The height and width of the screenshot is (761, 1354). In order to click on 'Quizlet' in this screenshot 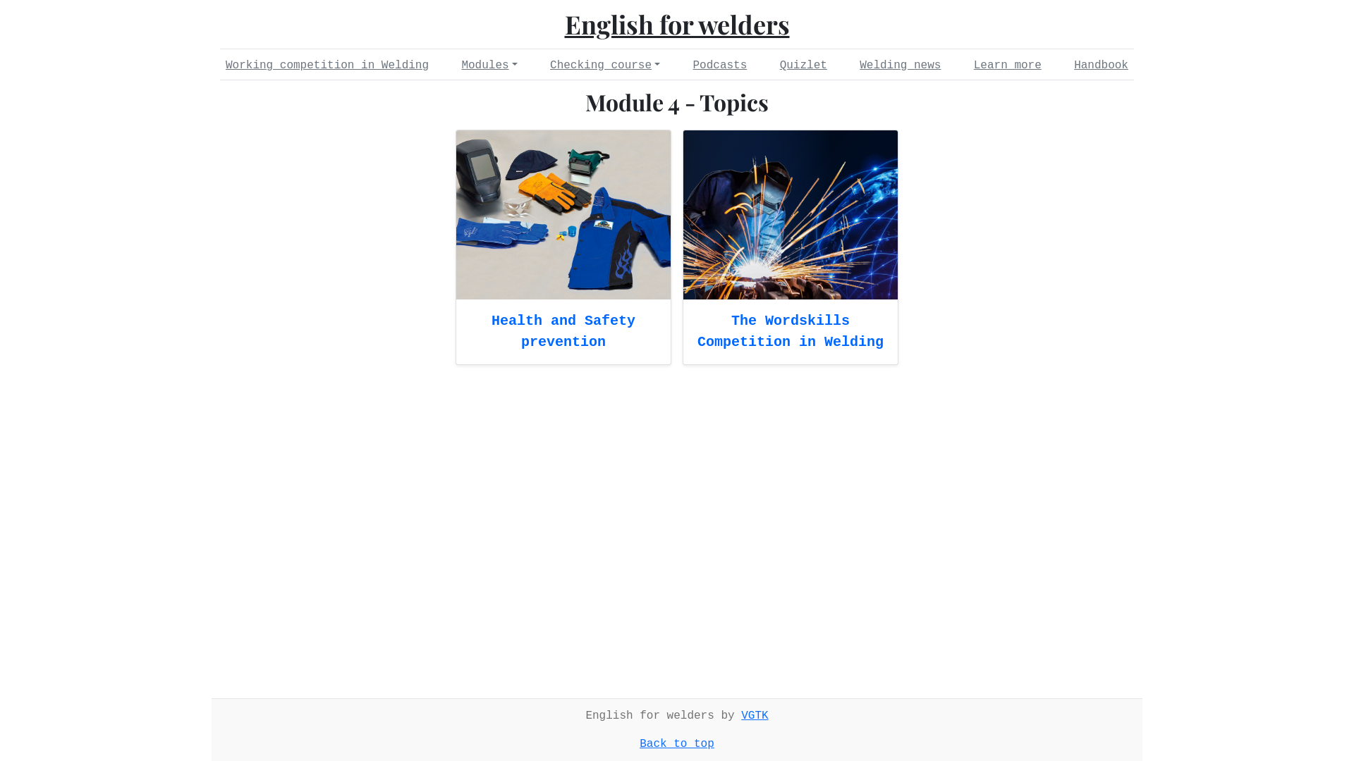, I will do `click(803, 65)`.